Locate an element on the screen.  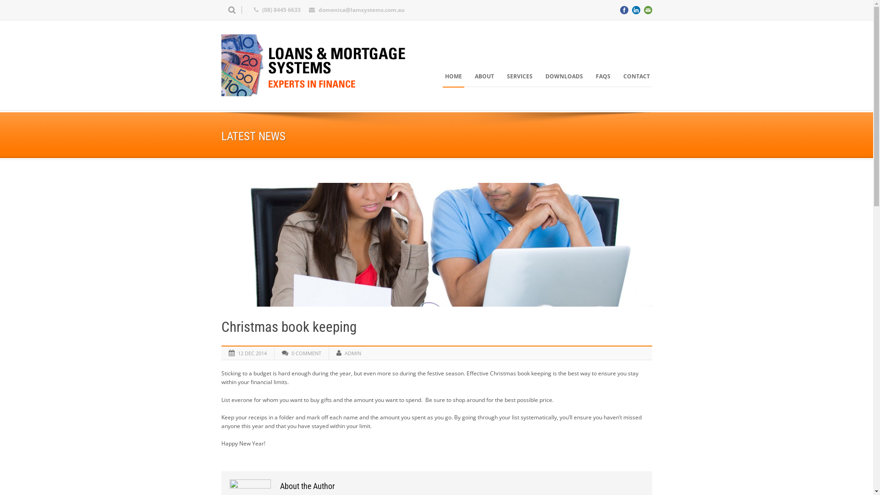
'domenica@lamsystems.com.au' is located at coordinates (360, 10).